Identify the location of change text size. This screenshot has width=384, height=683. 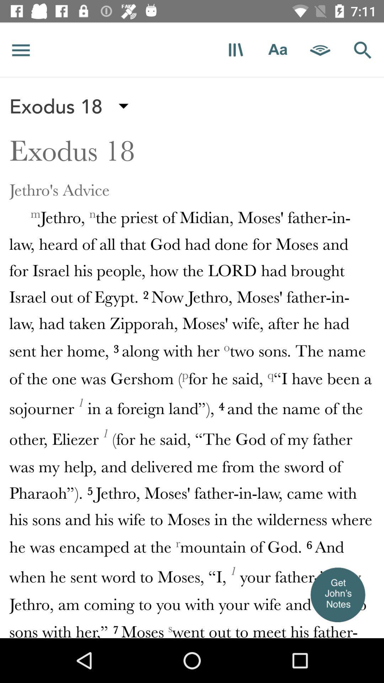
(277, 49).